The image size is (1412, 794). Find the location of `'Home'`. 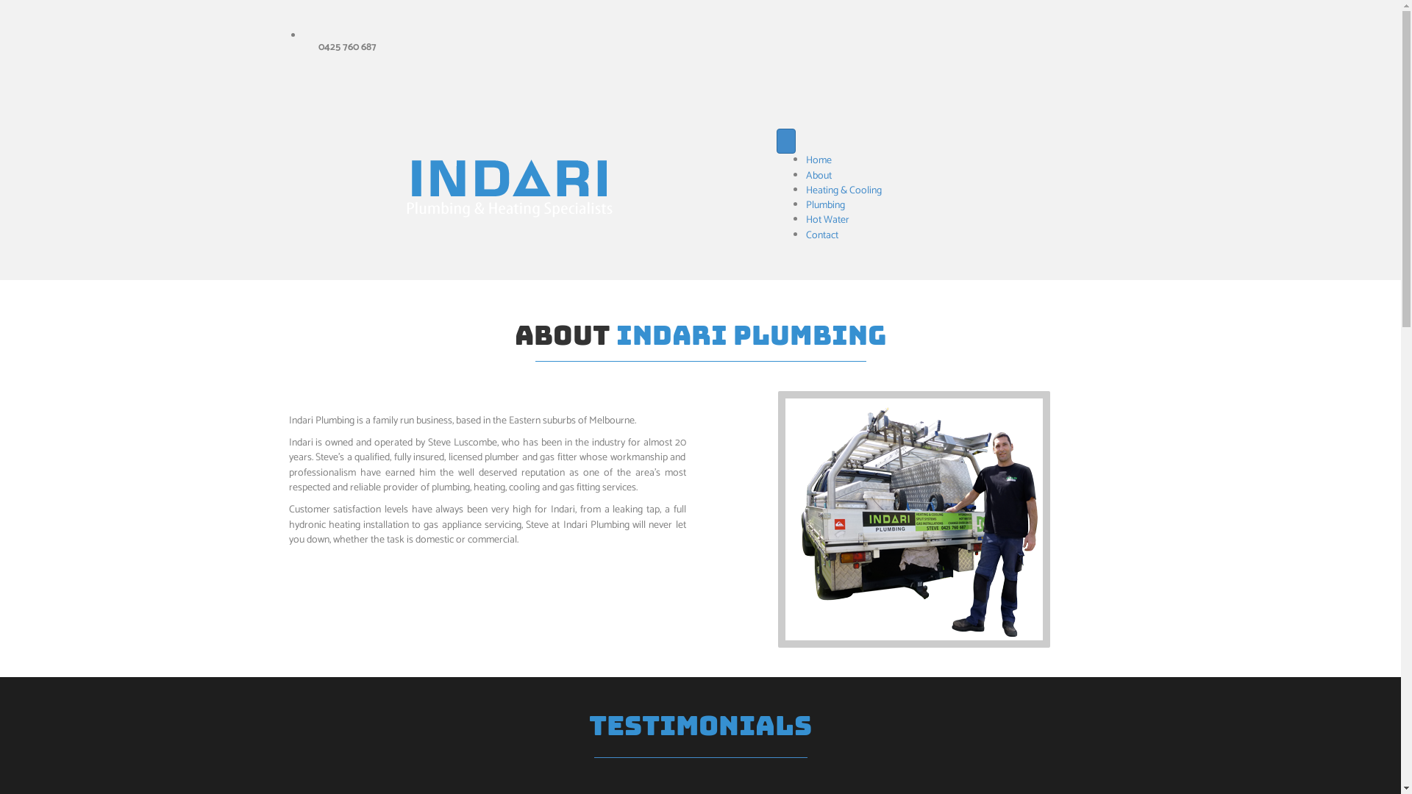

'Home' is located at coordinates (805, 160).